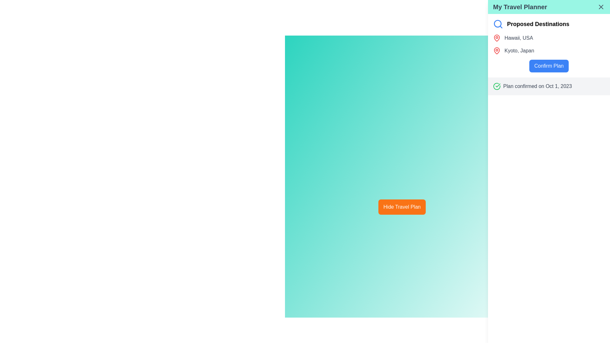 The height and width of the screenshot is (343, 610). I want to click on the circular graphic/icon representing the search function in the 'My Travel Planner' section for accessibility purposes, so click(497, 23).